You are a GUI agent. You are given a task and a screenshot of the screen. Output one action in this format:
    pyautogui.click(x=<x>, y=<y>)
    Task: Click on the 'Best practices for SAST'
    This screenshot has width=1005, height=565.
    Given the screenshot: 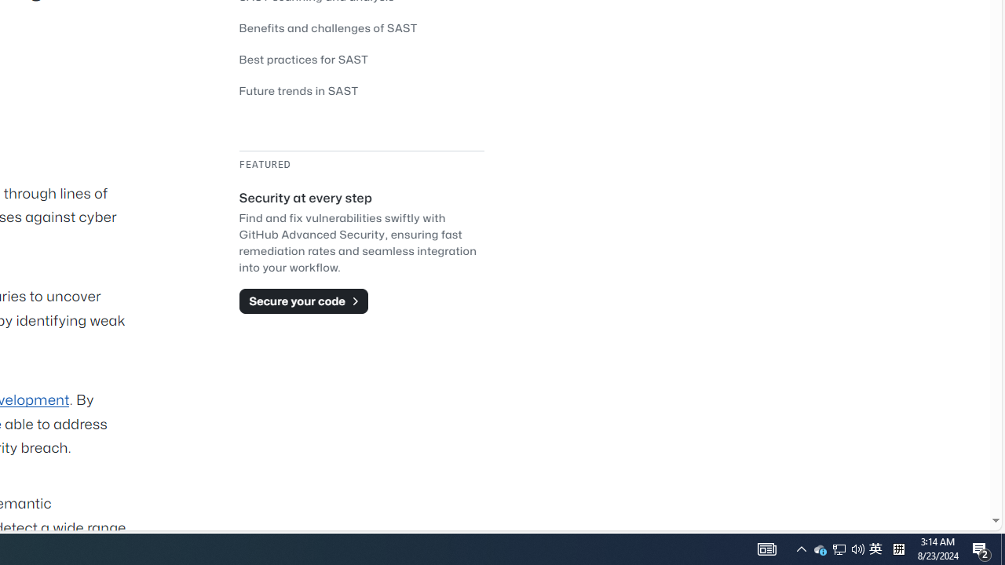 What is the action you would take?
    pyautogui.click(x=304, y=58)
    